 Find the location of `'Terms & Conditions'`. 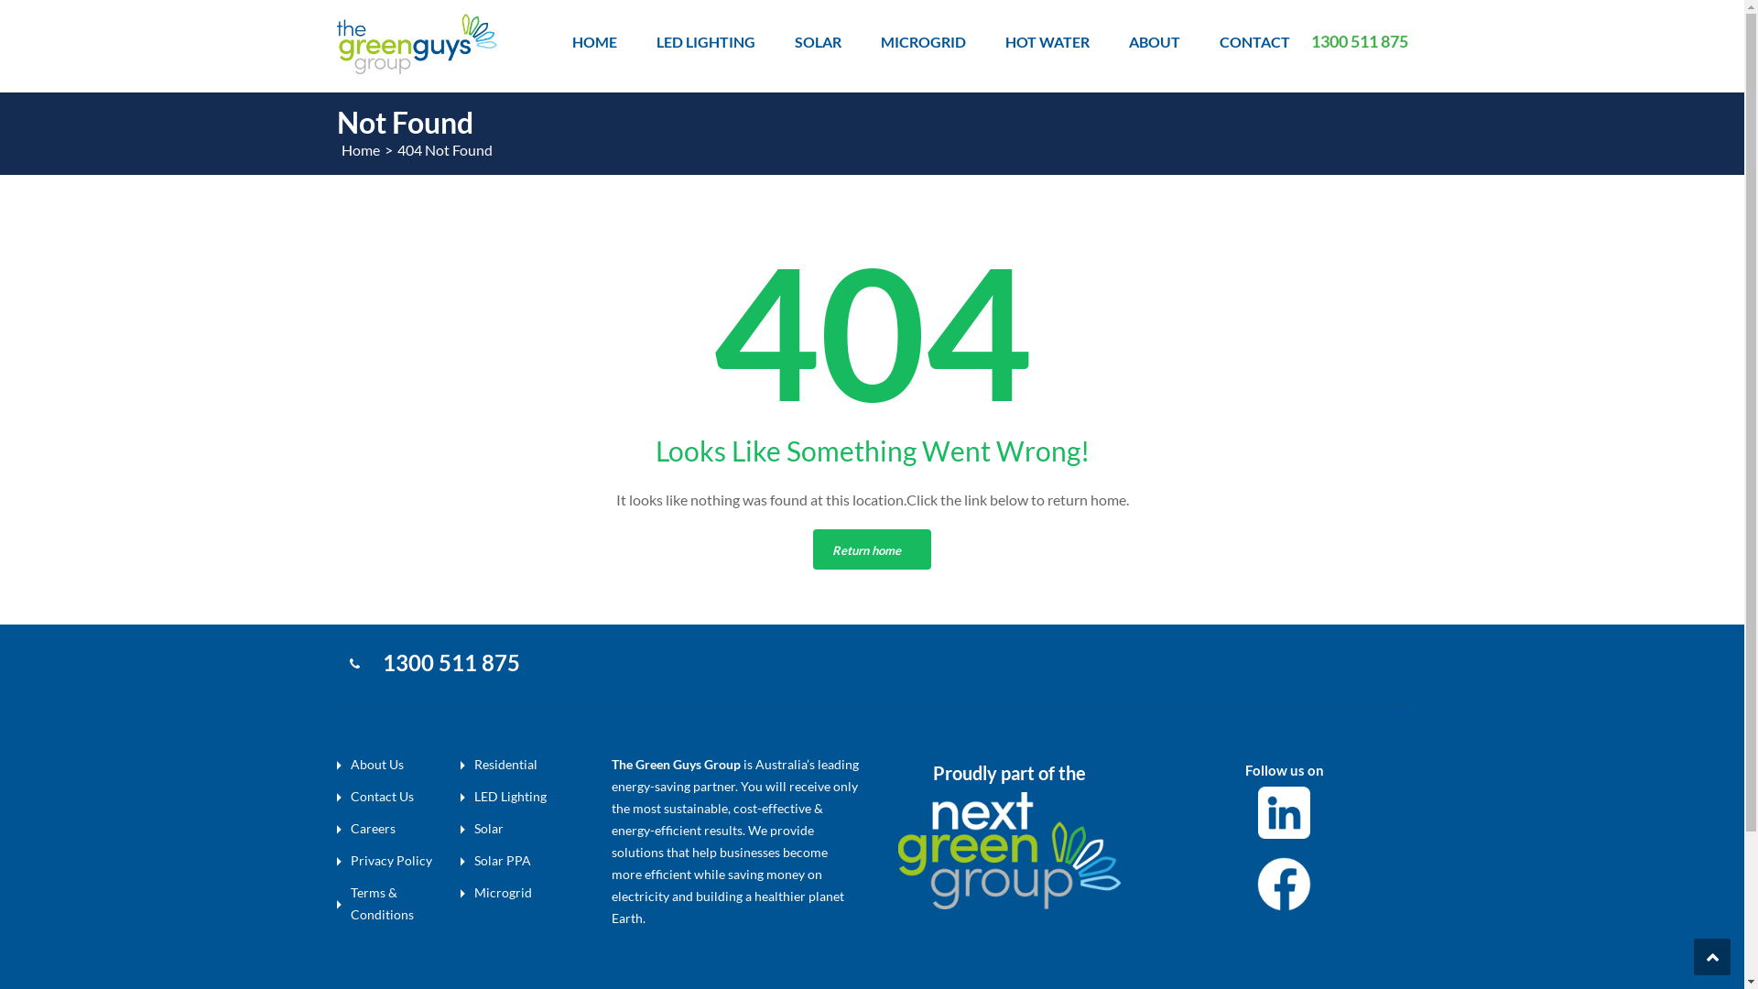

'Terms & Conditions' is located at coordinates (380, 902).